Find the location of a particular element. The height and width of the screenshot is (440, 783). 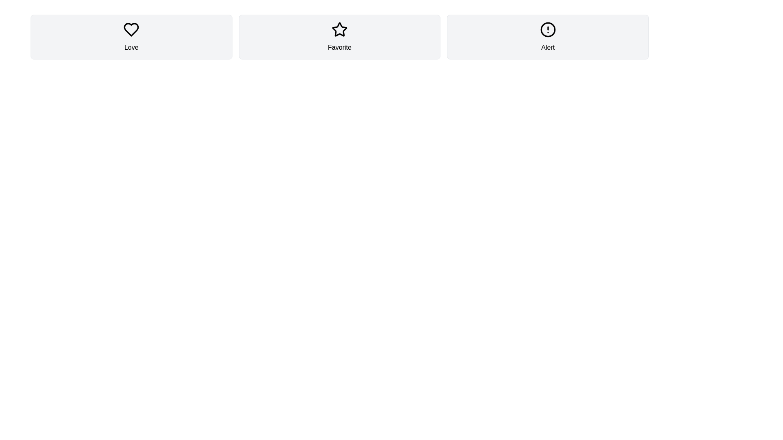

the heart-shaped 'Love' icon is located at coordinates (131, 29).